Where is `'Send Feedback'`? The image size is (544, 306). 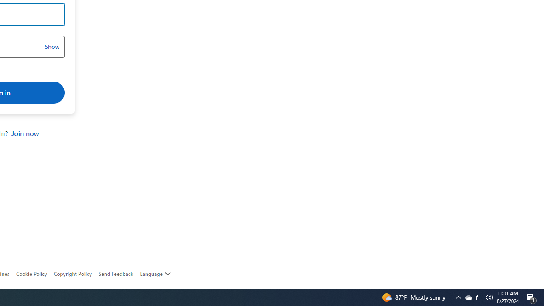 'Send Feedback' is located at coordinates (115, 274).